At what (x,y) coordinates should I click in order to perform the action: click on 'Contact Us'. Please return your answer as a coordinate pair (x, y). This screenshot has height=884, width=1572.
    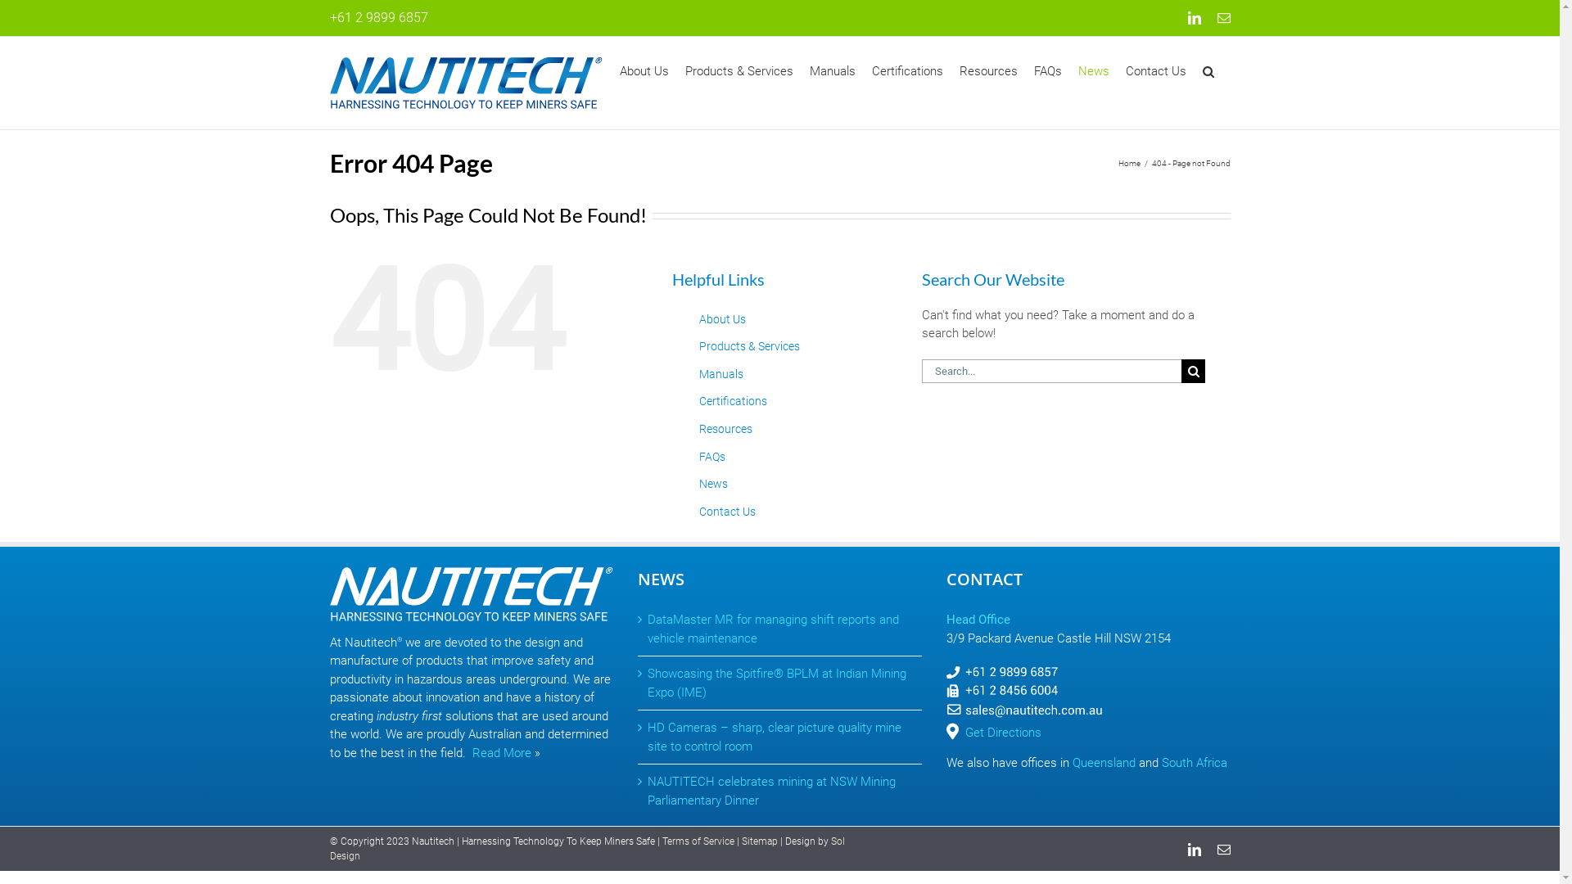
    Looking at the image, I should click on (726, 510).